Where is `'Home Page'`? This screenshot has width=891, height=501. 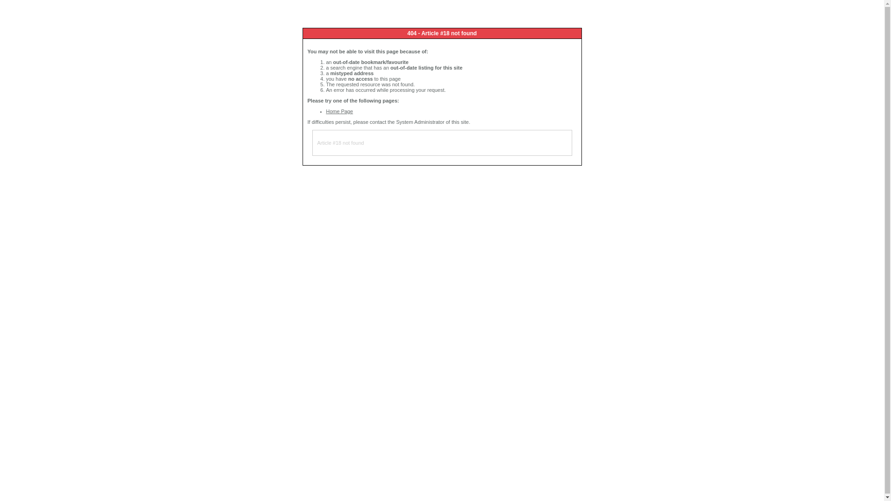
'Home Page' is located at coordinates (338, 110).